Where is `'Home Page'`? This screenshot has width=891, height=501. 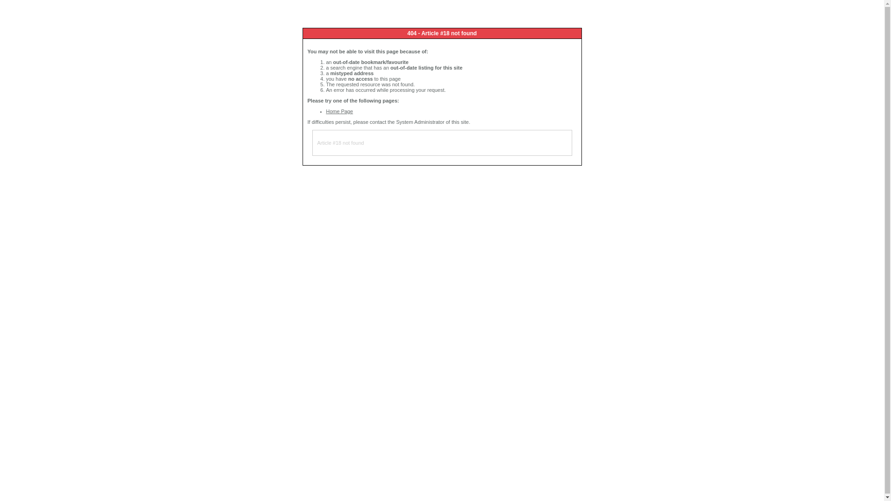
'Home Page' is located at coordinates (338, 110).